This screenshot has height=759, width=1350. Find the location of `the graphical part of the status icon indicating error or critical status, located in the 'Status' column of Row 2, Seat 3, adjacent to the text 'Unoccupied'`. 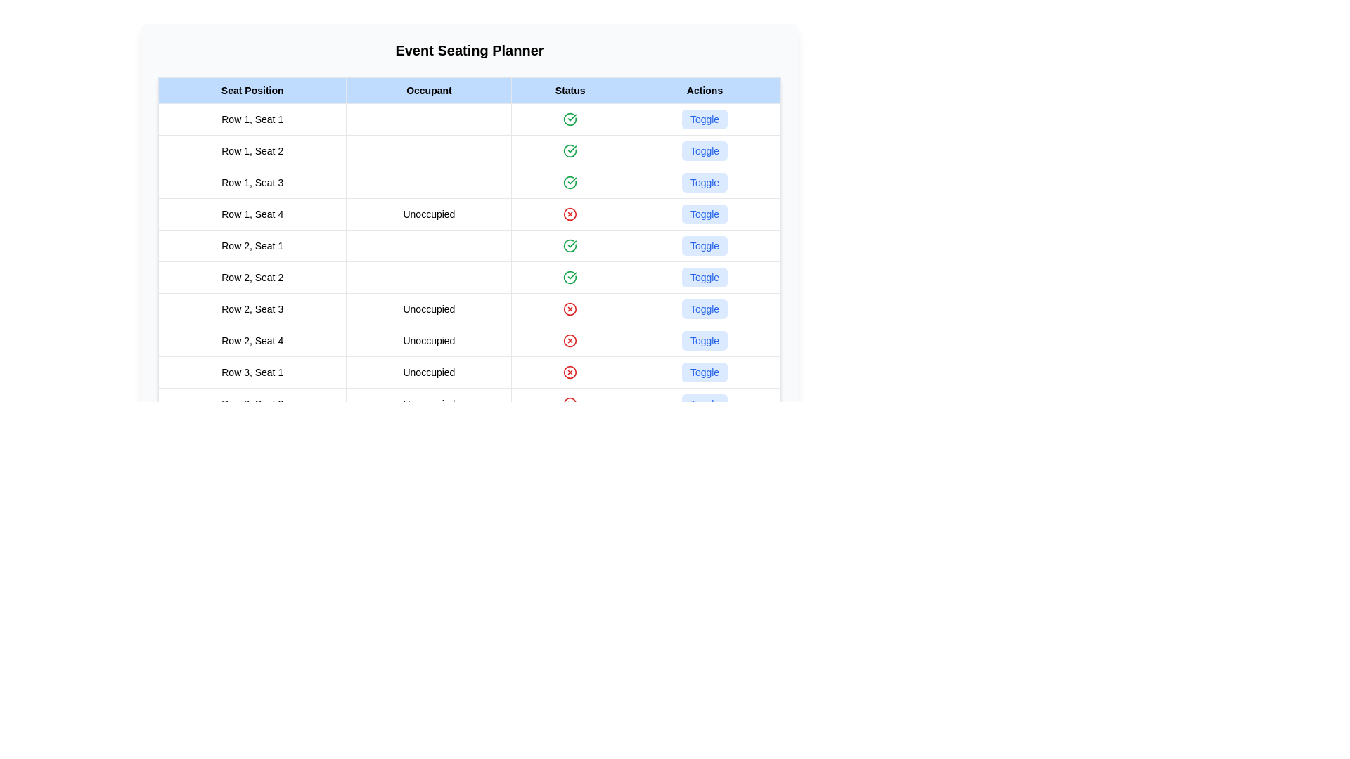

the graphical part of the status icon indicating error or critical status, located in the 'Status' column of Row 2, Seat 3, adjacent to the text 'Unoccupied' is located at coordinates (570, 403).